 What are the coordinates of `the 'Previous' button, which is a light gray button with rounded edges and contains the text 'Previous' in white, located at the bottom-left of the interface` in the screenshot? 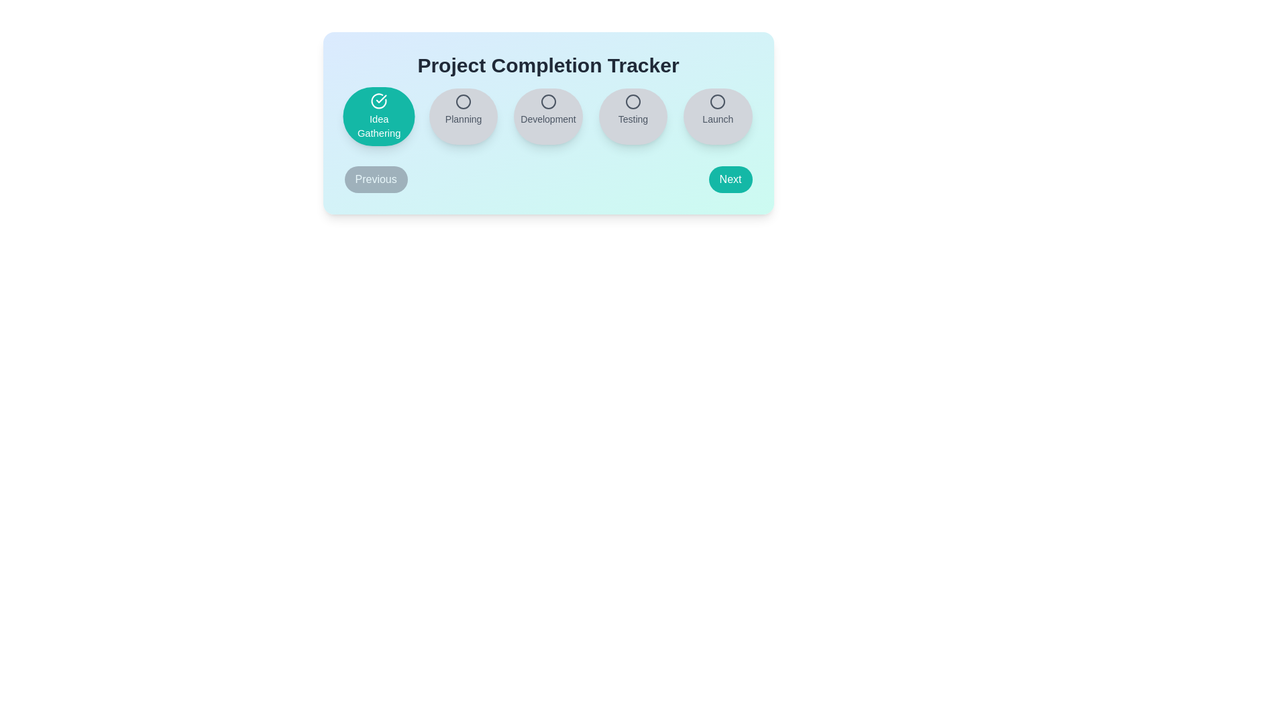 It's located at (376, 178).